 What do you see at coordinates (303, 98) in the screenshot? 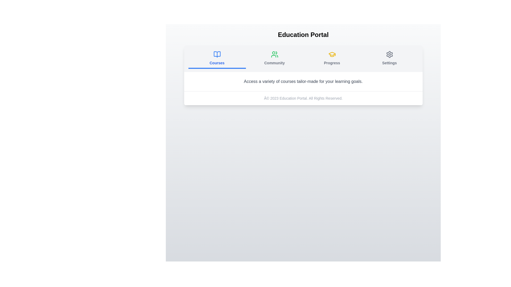
I see `the static text label providing copyright information located at the bottom of the card-style section` at bounding box center [303, 98].